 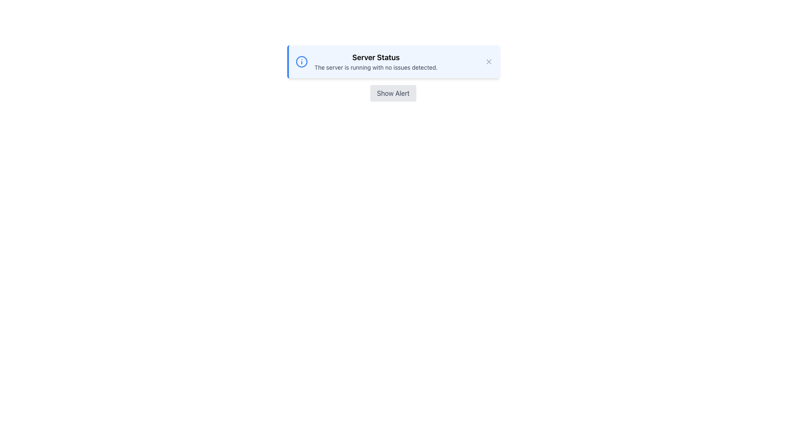 I want to click on the close button located at the far right of the notification panel, so click(x=489, y=61).